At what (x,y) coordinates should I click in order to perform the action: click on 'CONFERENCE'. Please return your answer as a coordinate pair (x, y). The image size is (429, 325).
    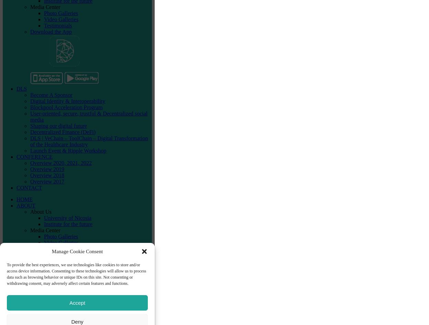
    Looking at the image, I should click on (16, 156).